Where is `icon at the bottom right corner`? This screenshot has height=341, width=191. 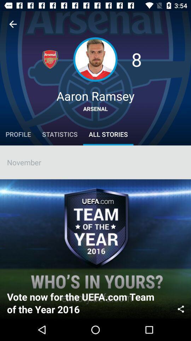
icon at the bottom right corner is located at coordinates (181, 308).